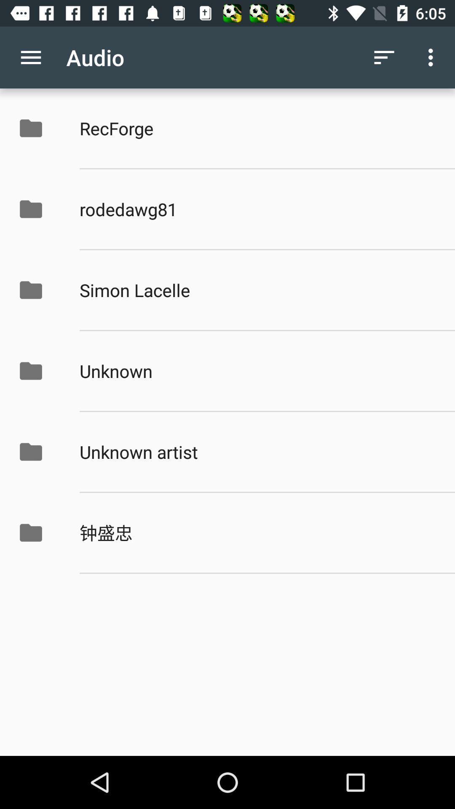 The height and width of the screenshot is (809, 455). What do you see at coordinates (258, 290) in the screenshot?
I see `icon below the rodedawg81 icon` at bounding box center [258, 290].